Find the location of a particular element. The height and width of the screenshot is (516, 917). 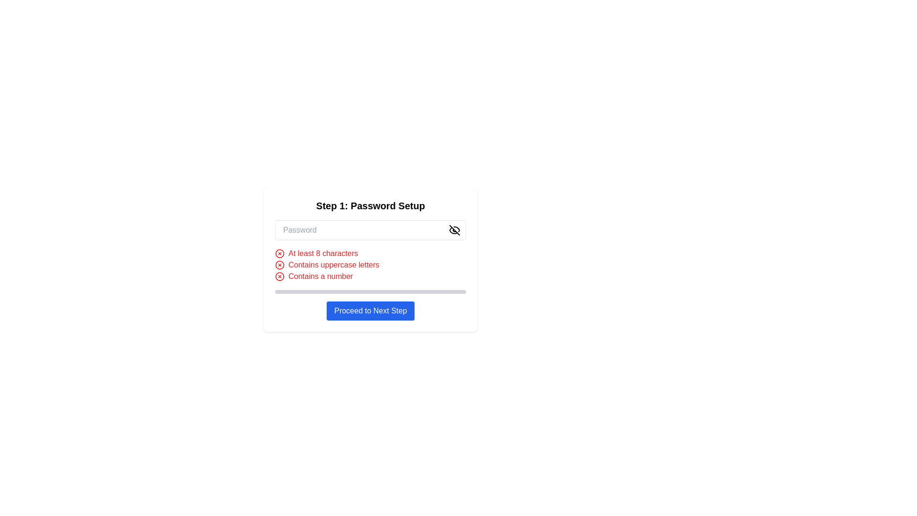

the circular icon with a red border and a red 'X' symbol, located to the left of the text 'At least 8 characters' under the password input field is located at coordinates (279, 253).